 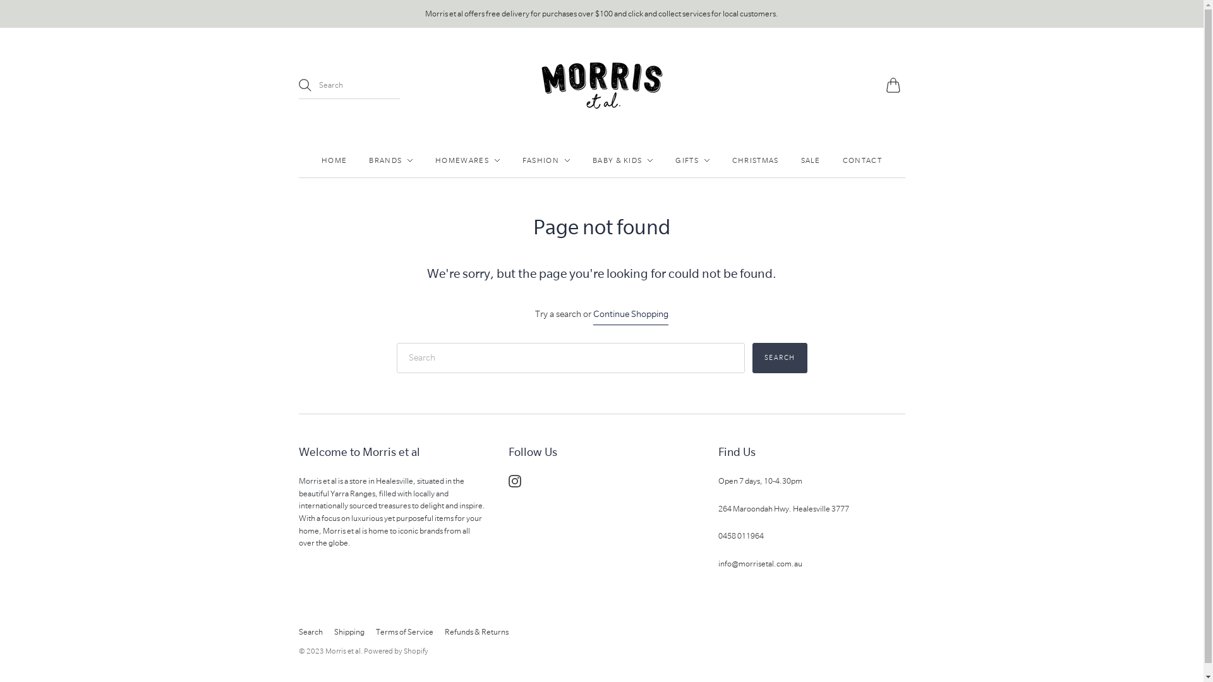 What do you see at coordinates (778, 358) in the screenshot?
I see `'Search'` at bounding box center [778, 358].